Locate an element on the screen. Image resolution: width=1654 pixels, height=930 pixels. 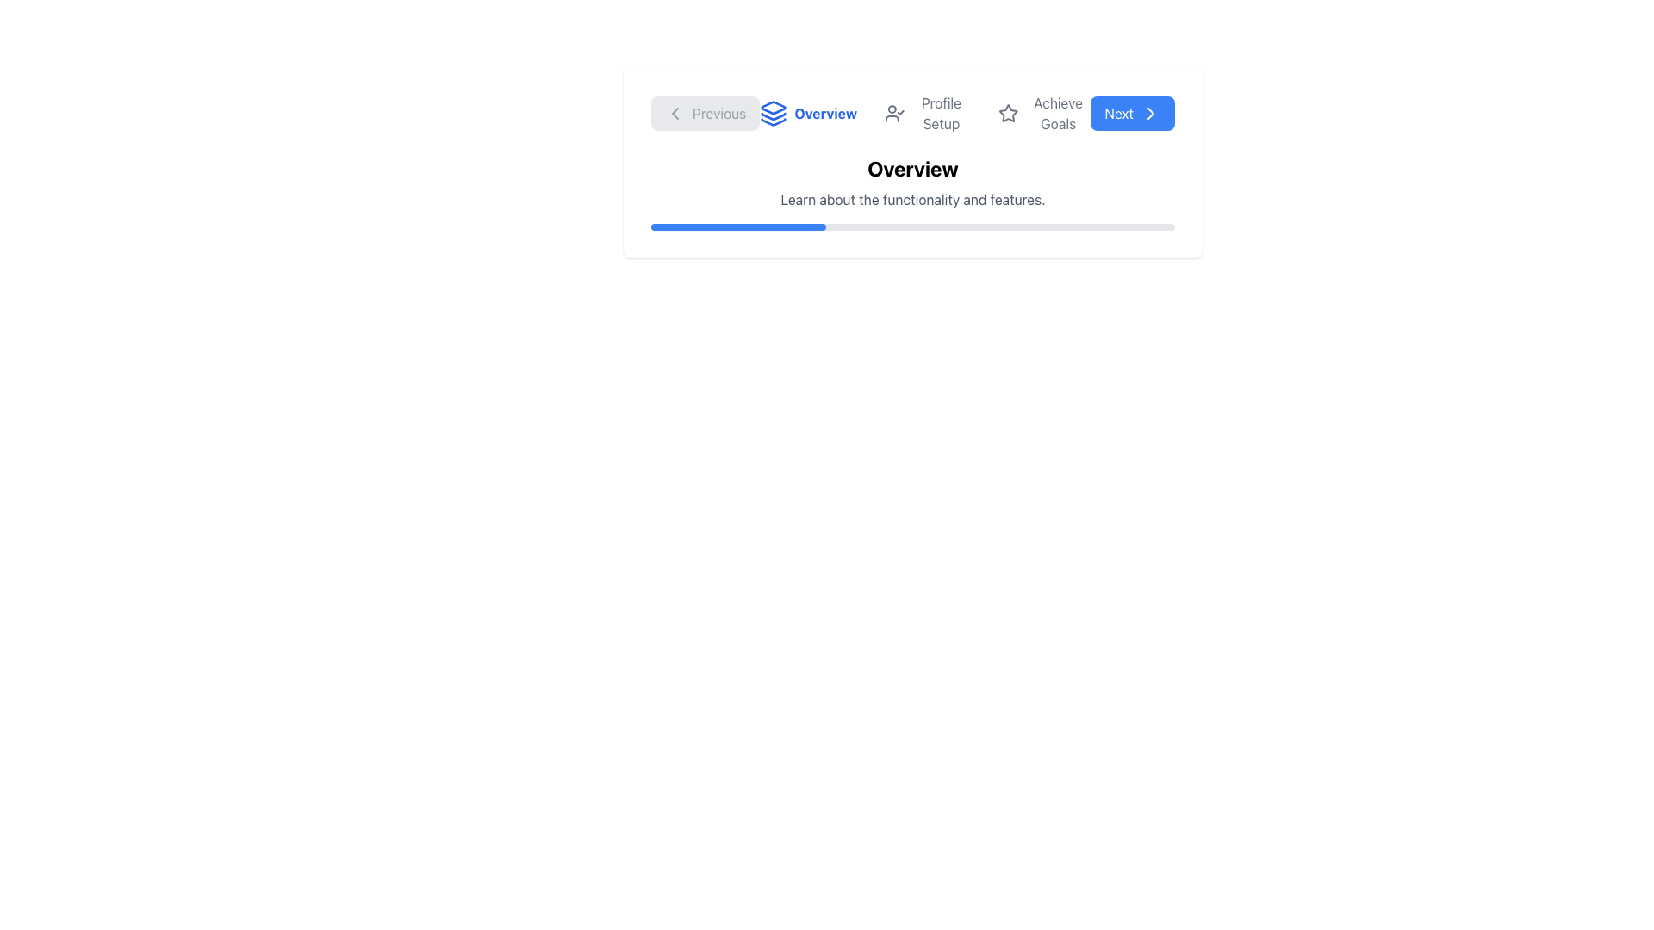
the right-facing chevron icon located to the right of the 'Next' text inside the blue button is located at coordinates (1150, 113).